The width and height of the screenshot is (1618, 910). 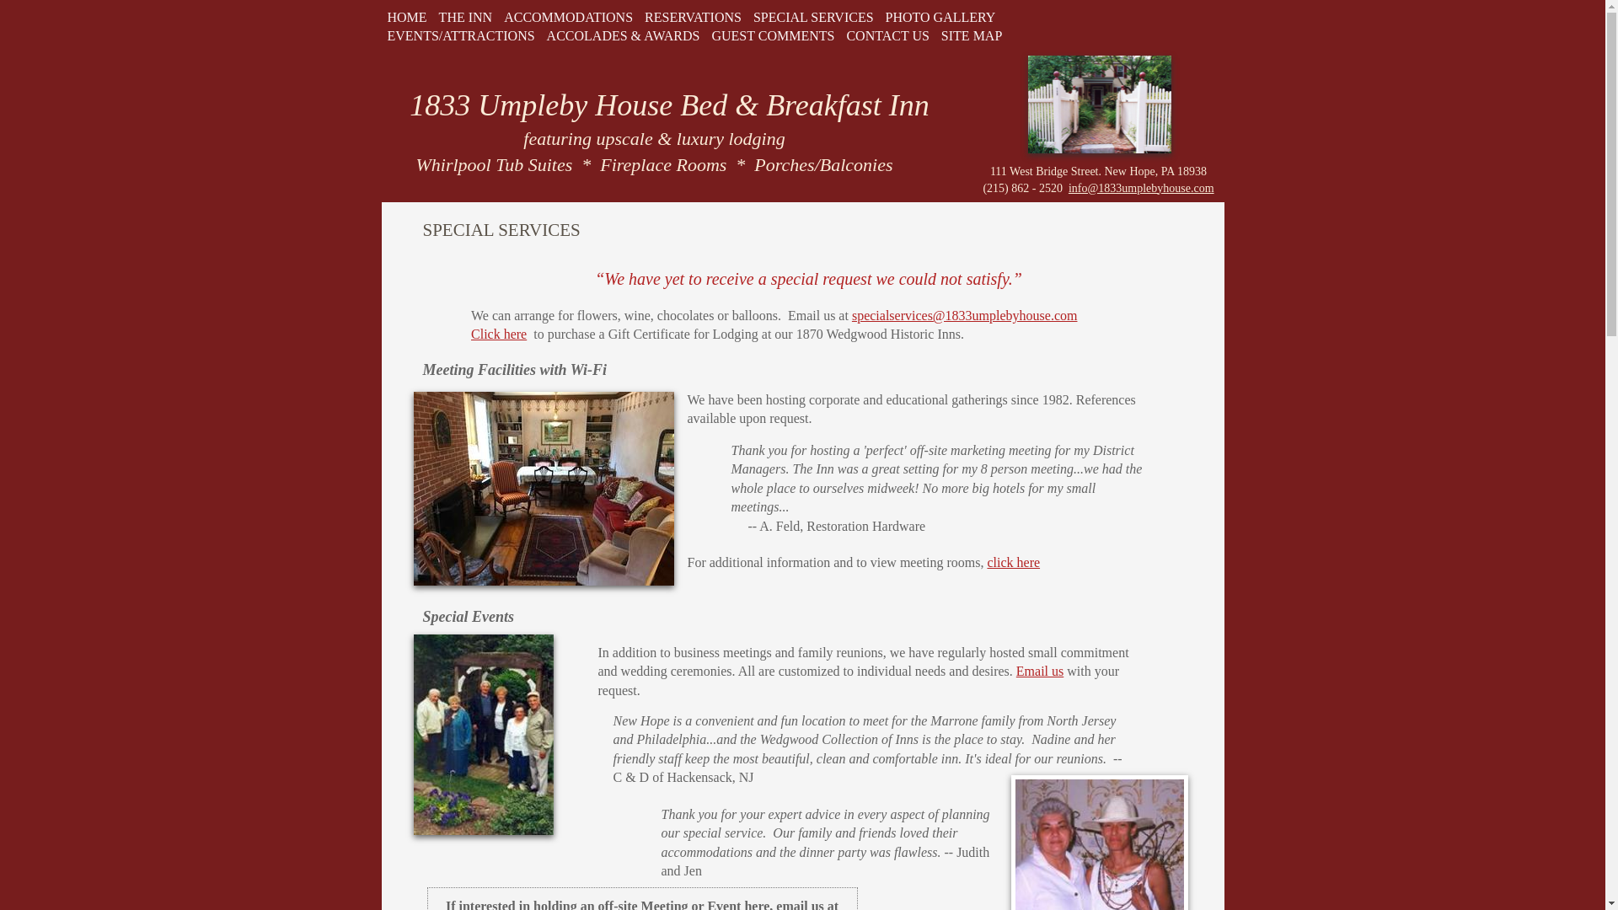 I want to click on 'Email us', so click(x=1038, y=670).